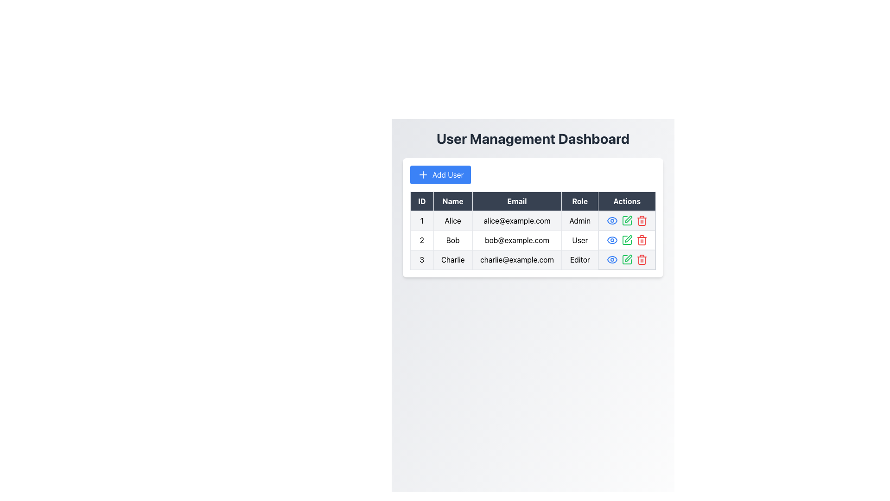 The image size is (890, 501). I want to click on the red delete button, which is the last in a row of three action buttons in the 'Actions' column of the table, so click(641, 220).